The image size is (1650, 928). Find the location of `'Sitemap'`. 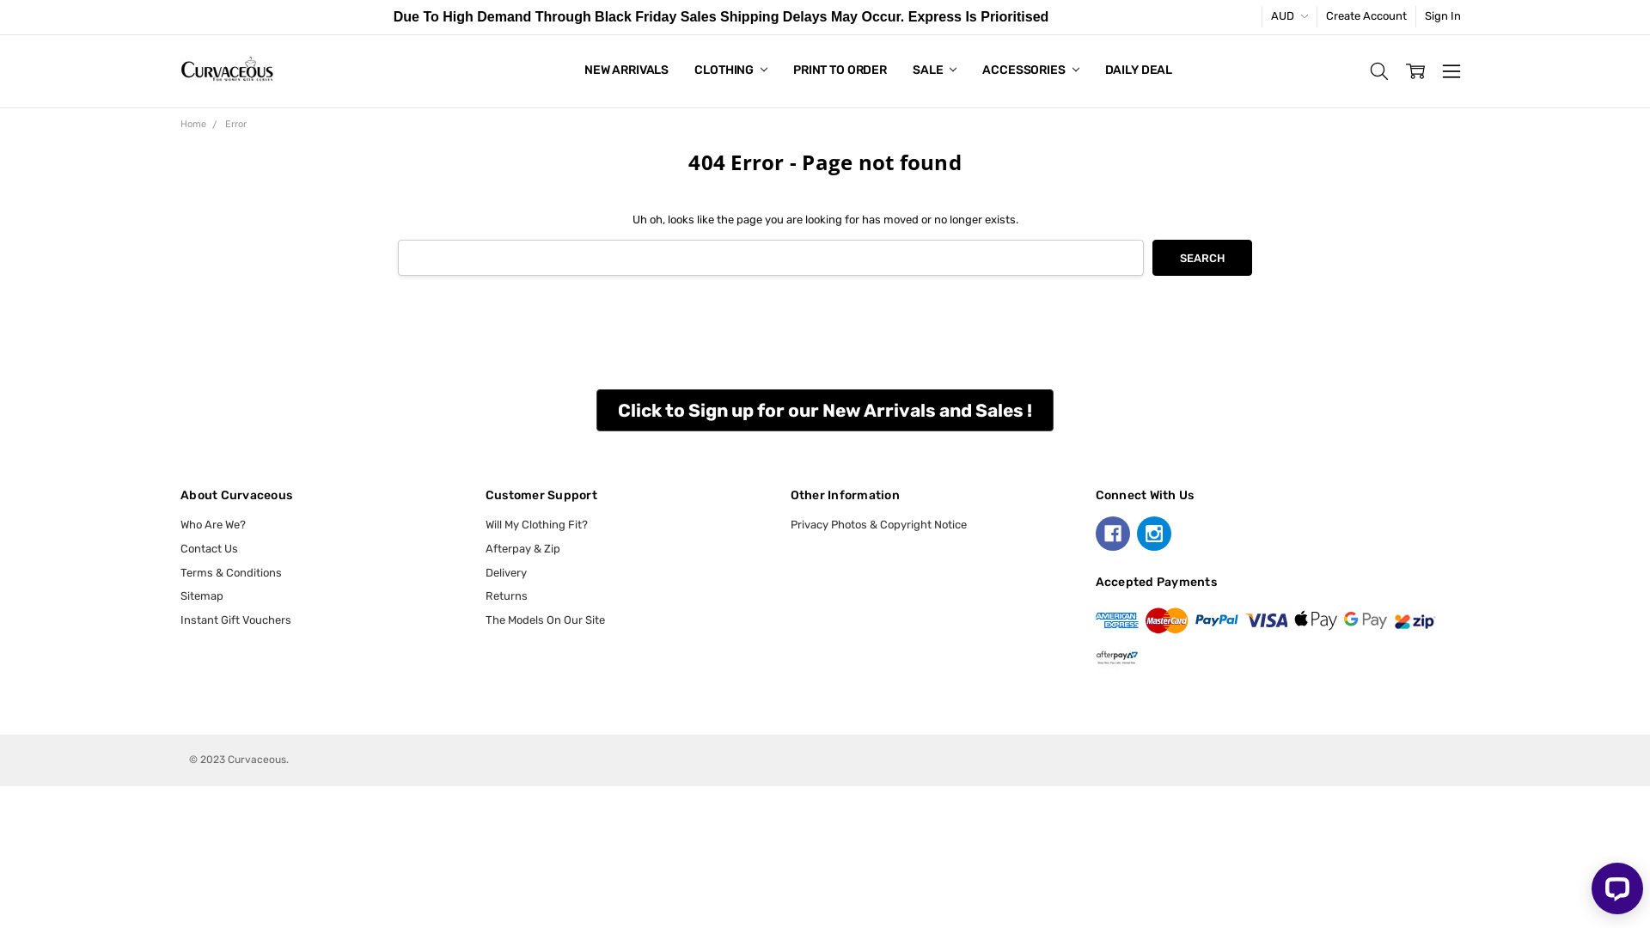

'Sitemap' is located at coordinates (202, 595).